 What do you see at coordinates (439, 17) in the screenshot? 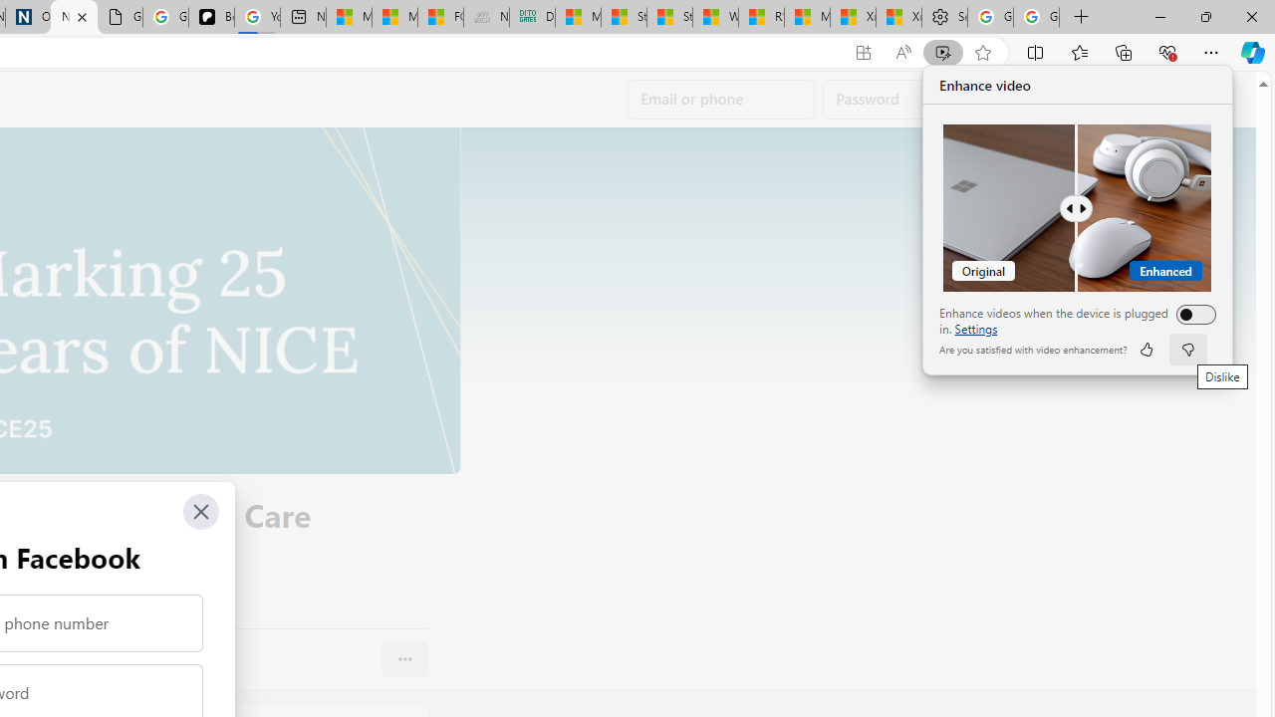
I see `'FOX News - MSN'` at bounding box center [439, 17].